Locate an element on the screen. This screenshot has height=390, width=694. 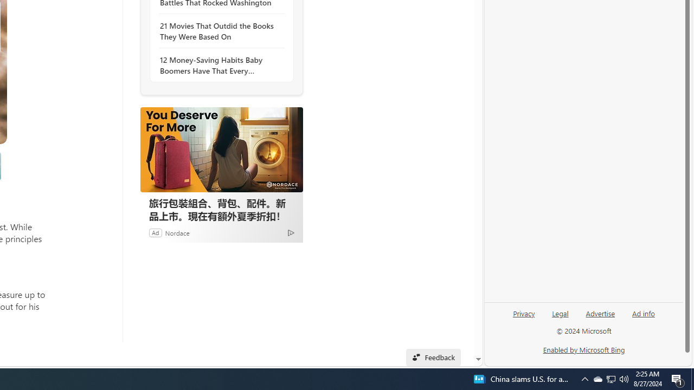
'Ad Choice' is located at coordinates (291, 232).